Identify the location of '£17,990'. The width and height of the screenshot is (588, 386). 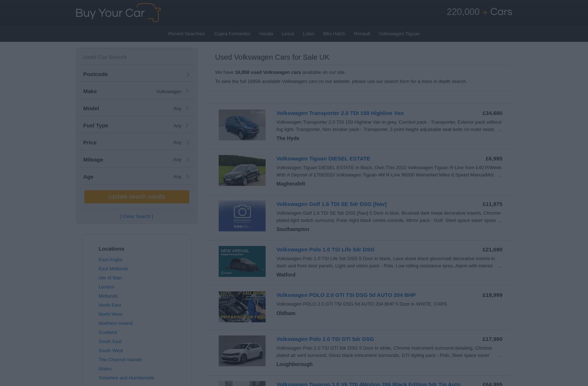
(482, 338).